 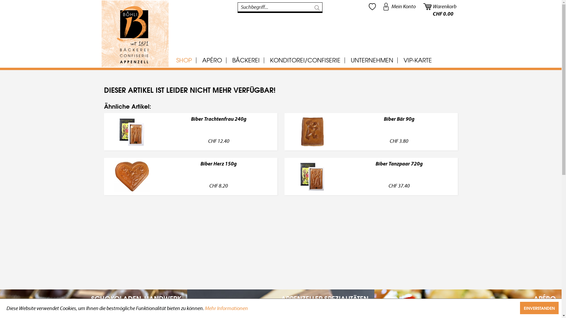 I want to click on 'Mehr Informationen', so click(x=226, y=308).